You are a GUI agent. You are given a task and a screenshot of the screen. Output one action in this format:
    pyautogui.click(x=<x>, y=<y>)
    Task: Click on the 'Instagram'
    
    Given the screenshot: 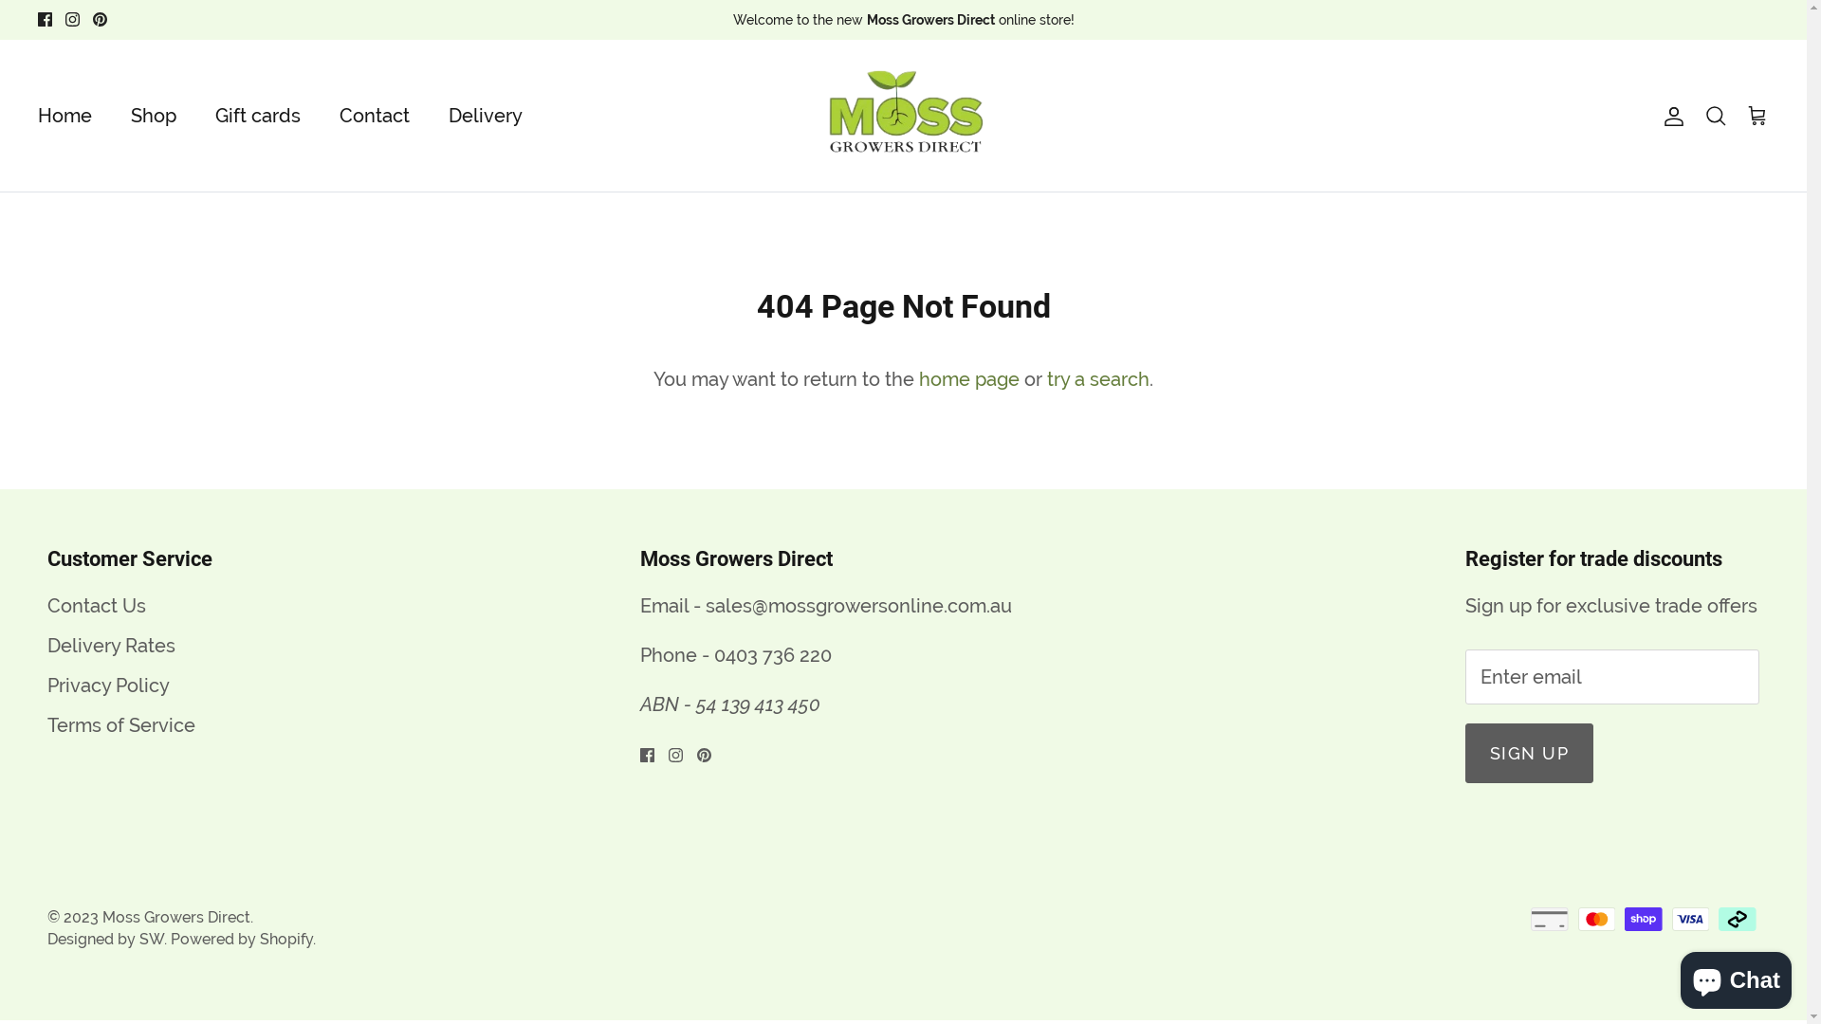 What is the action you would take?
    pyautogui.click(x=72, y=19)
    